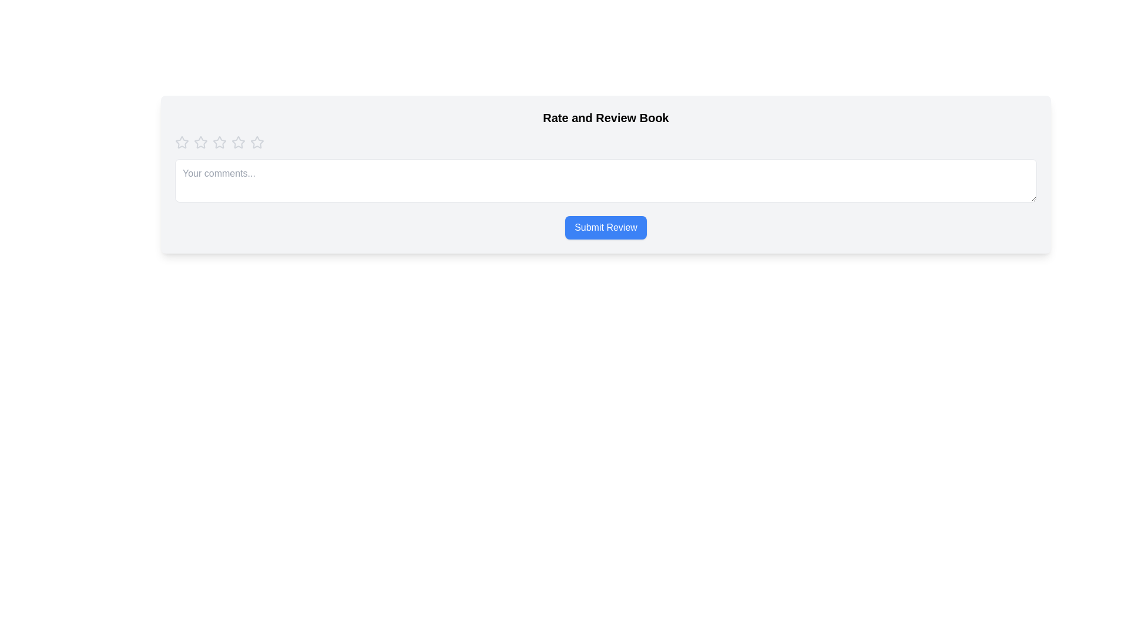  I want to click on the star corresponding to the rating level 2, so click(200, 142).